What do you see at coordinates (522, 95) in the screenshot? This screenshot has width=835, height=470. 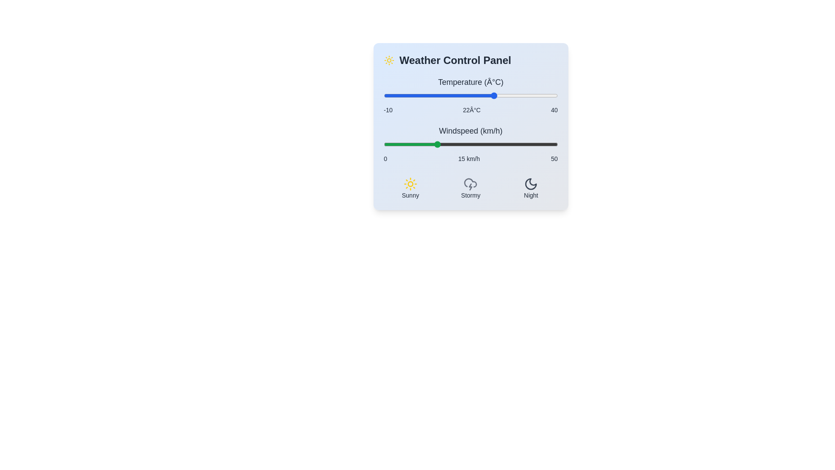 I see `the Temperature slider` at bounding box center [522, 95].